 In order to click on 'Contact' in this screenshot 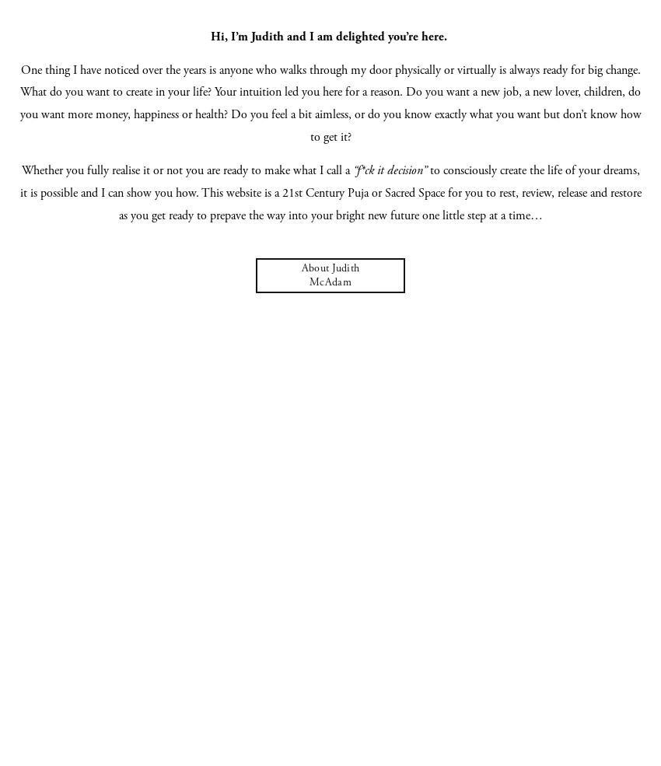, I will do `click(330, 285)`.